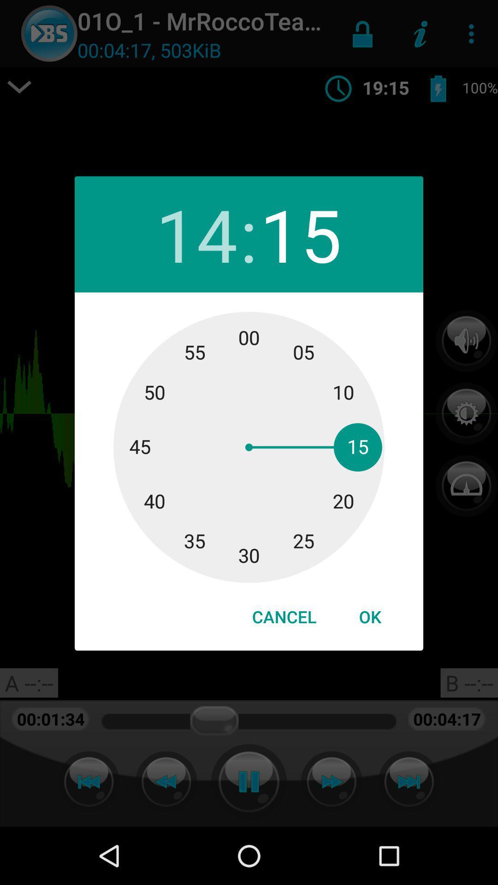 The height and width of the screenshot is (885, 498). I want to click on 14 item, so click(196, 234).